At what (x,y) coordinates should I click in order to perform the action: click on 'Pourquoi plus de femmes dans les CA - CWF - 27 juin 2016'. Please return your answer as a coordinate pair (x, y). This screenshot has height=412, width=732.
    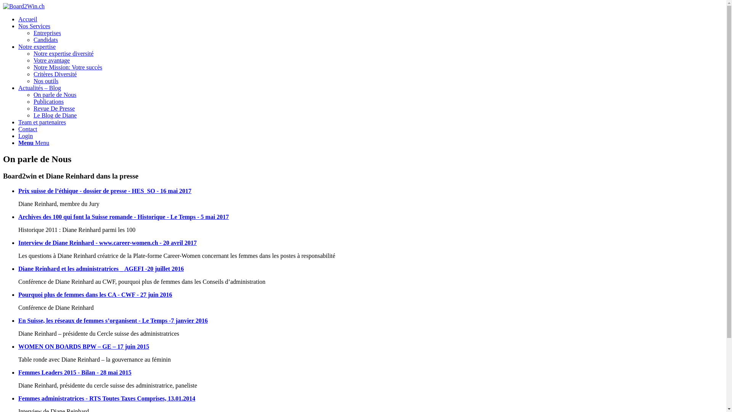
    Looking at the image, I should click on (95, 294).